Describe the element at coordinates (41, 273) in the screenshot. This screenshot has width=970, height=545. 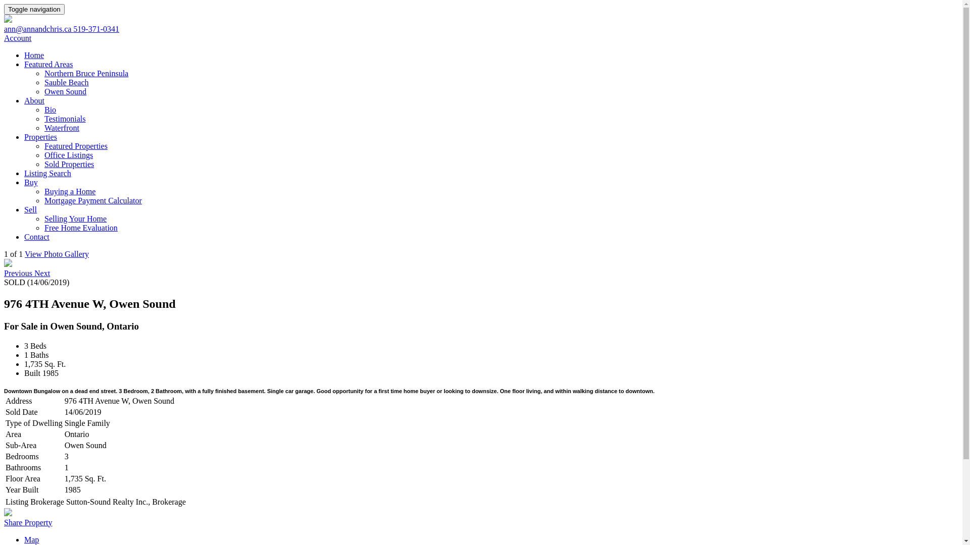
I see `'Next'` at that location.